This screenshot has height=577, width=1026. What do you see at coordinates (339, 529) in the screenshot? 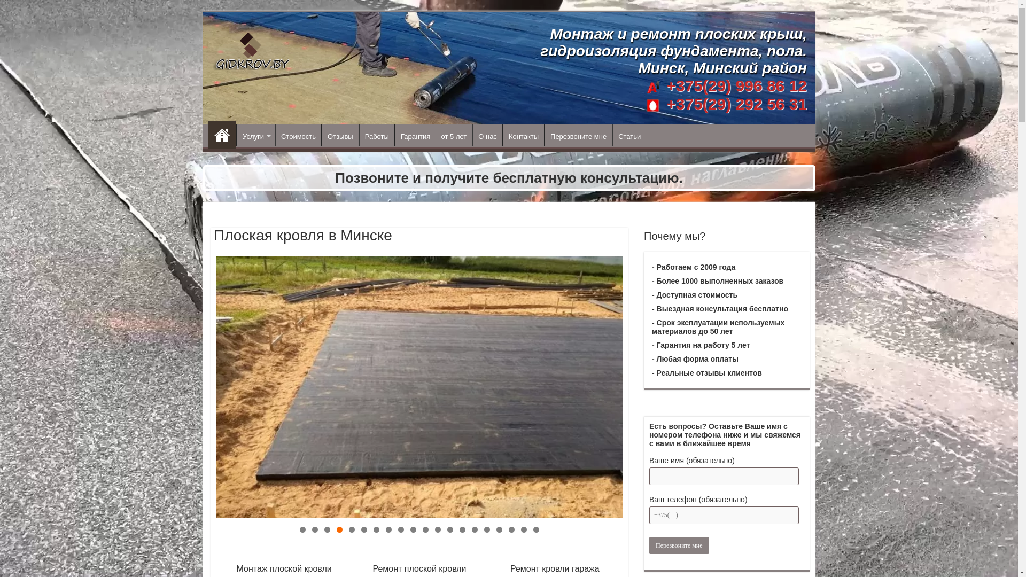
I see `'4'` at bounding box center [339, 529].